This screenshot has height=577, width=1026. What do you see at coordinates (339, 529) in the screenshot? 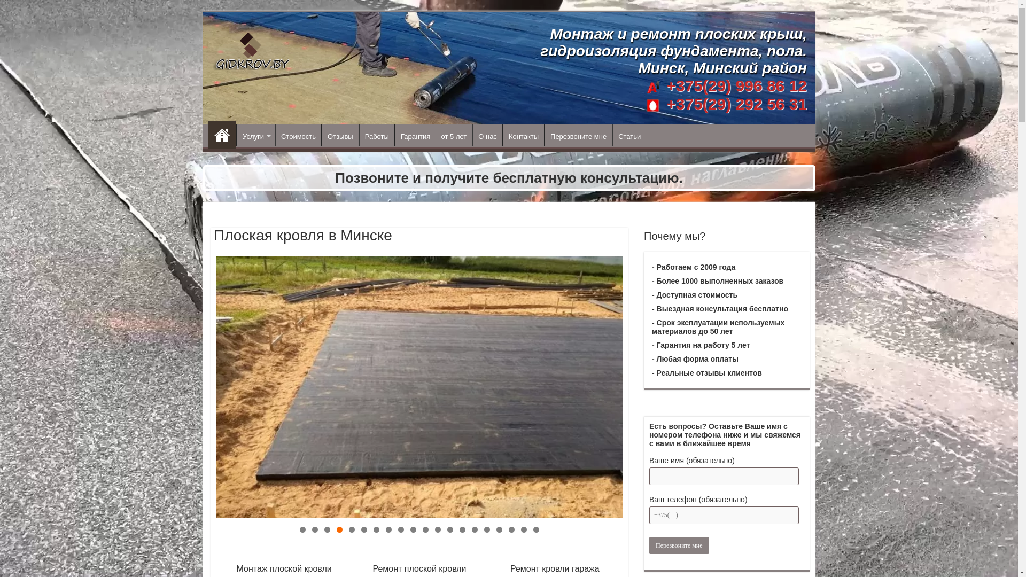
I see `'4'` at bounding box center [339, 529].